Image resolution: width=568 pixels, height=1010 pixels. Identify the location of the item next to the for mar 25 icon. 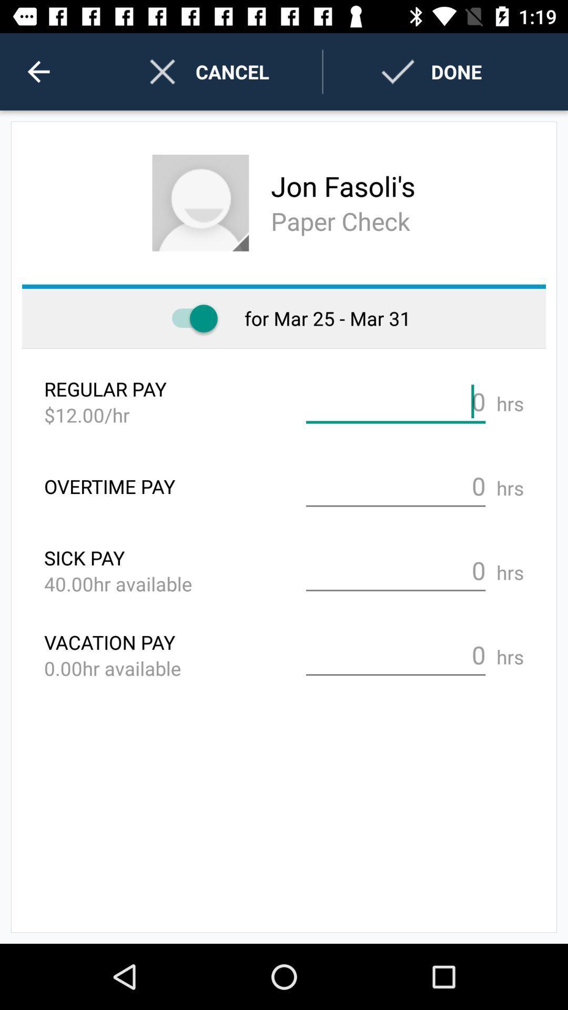
(189, 318).